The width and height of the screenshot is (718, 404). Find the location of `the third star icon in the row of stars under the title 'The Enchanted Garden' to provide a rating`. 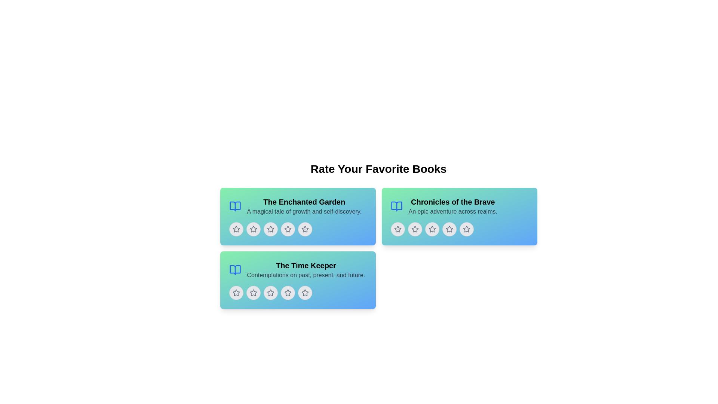

the third star icon in the row of stars under the title 'The Enchanted Garden' to provide a rating is located at coordinates (287, 229).